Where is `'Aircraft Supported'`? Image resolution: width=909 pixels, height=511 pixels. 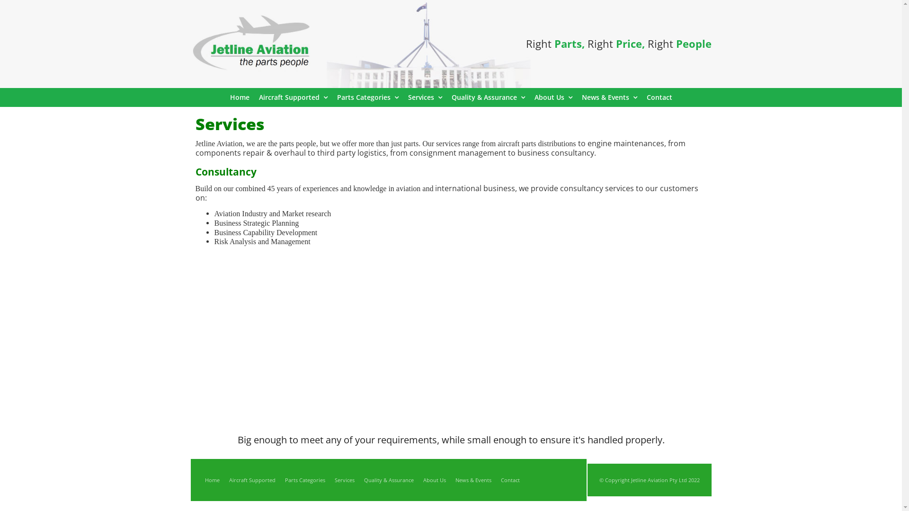 'Aircraft Supported' is located at coordinates (252, 480).